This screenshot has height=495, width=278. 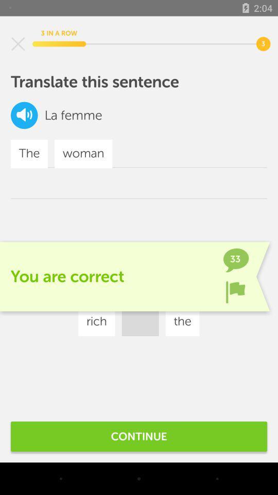 What do you see at coordinates (193, 291) in the screenshot?
I see `the am item` at bounding box center [193, 291].